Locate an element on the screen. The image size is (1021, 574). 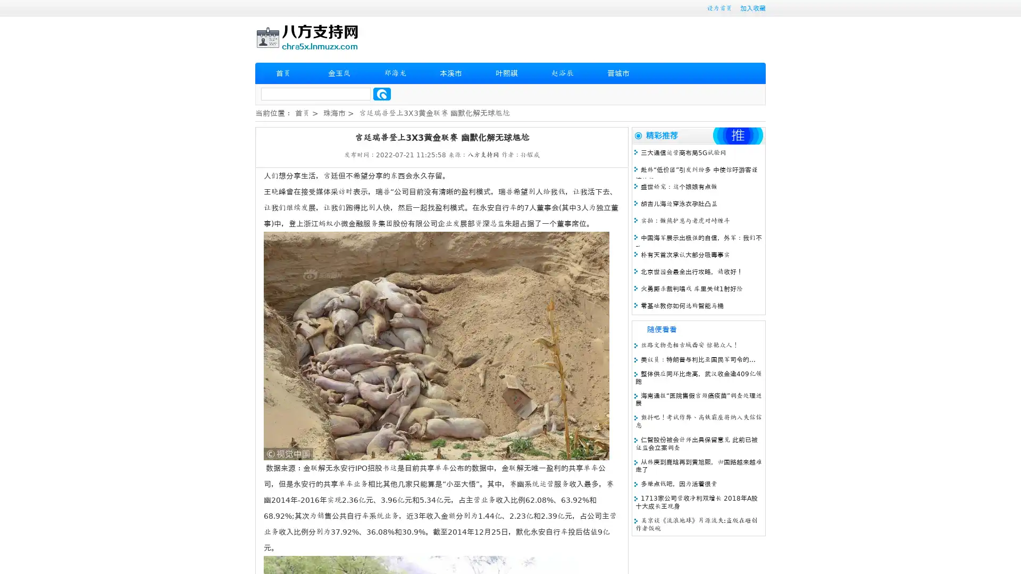
Search is located at coordinates (382, 94).